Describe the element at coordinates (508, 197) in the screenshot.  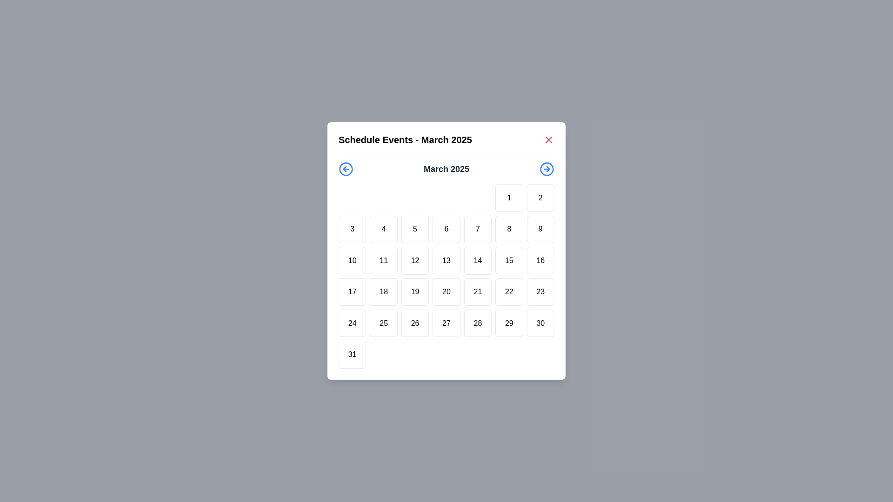
I see `the calendar day button representing the 1st of the month` at that location.